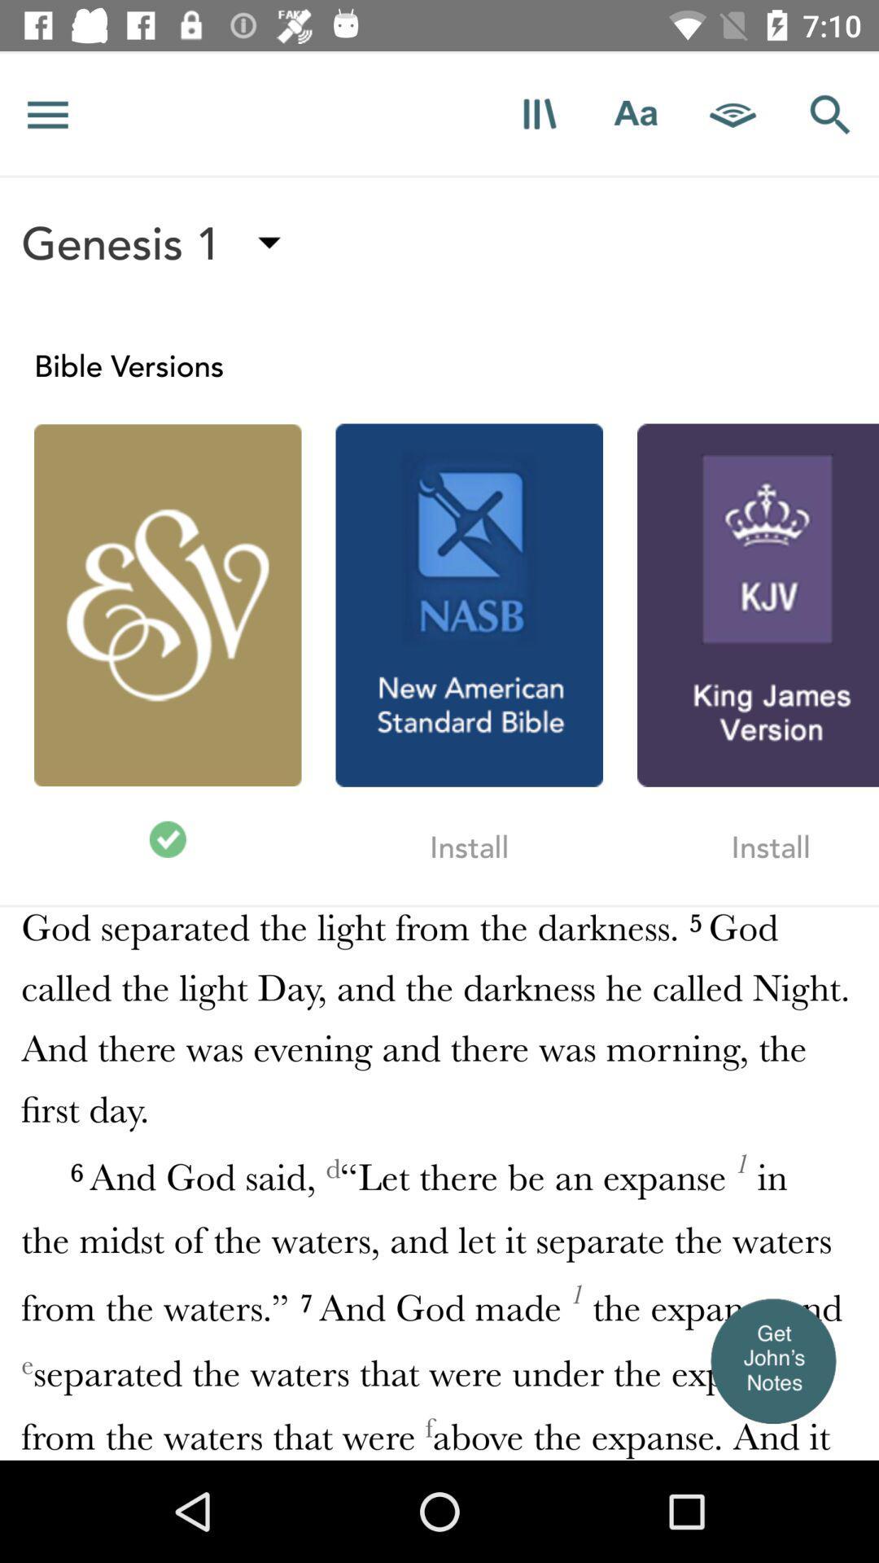 This screenshot has width=879, height=1563. Describe the element at coordinates (830, 113) in the screenshot. I see `shows search option` at that location.